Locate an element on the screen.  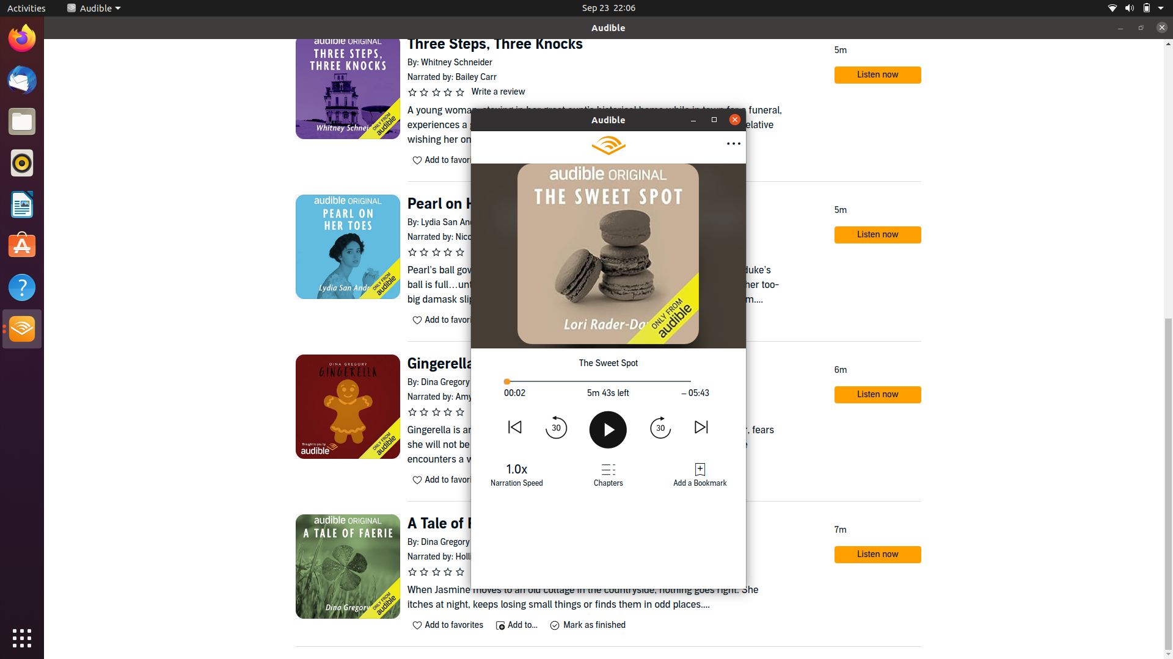
the previous choice in the expanded options menu is located at coordinates (733, 143).